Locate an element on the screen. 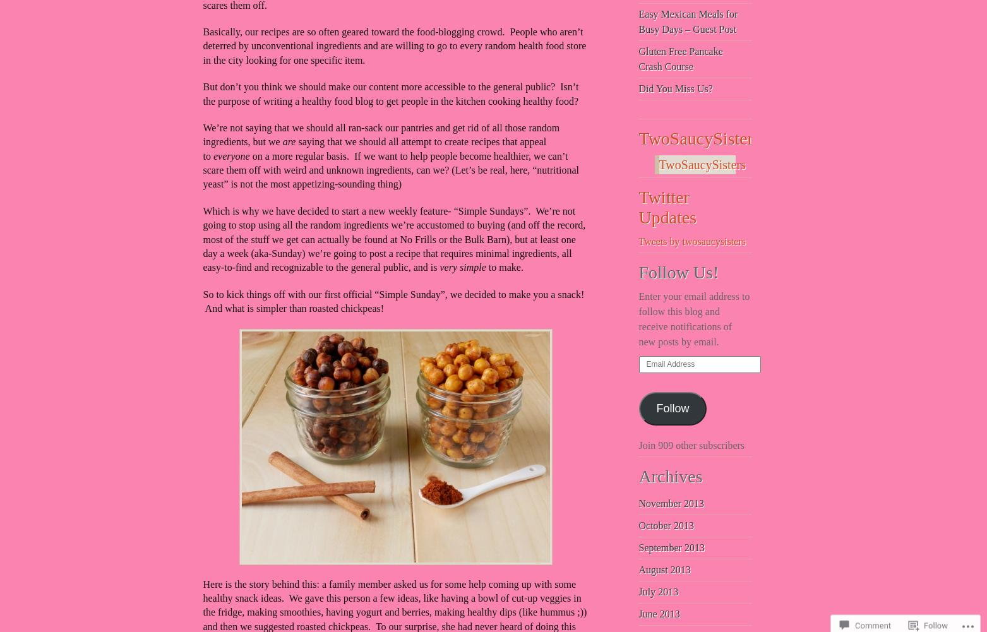  'Basically, our recipes are so often geared toward the food-blogging crowd.  People who aren’t deterred by unconventional ingredients and are willing to go to every random health food store in the city looking for one specific item.' is located at coordinates (393, 45).